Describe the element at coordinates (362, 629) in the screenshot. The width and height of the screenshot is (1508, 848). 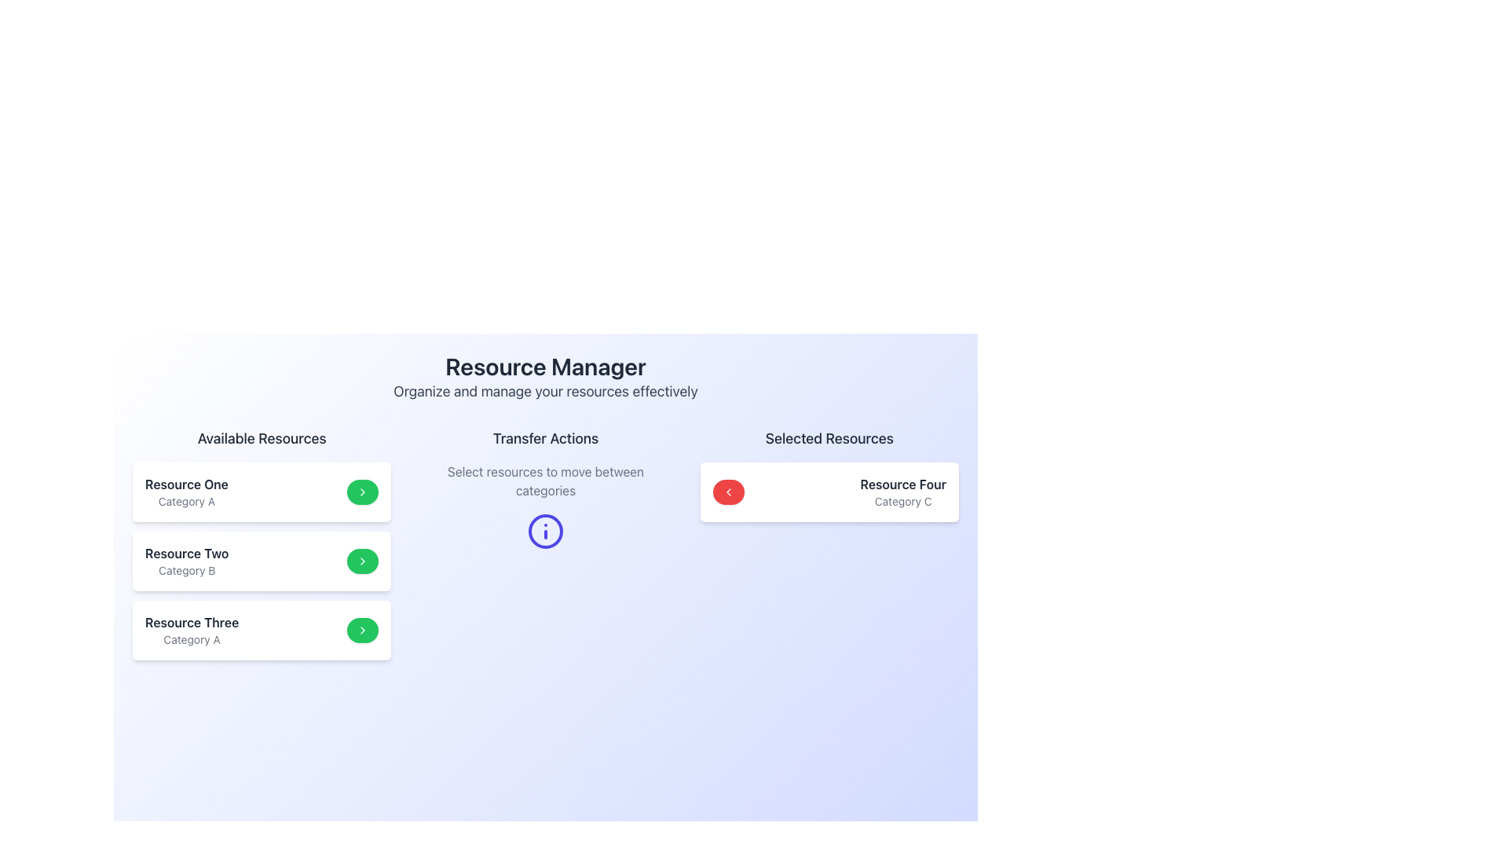
I see `the right-pointing chevron icon button with a green circular background, located at the end of the 'Resource Three' button` at that location.